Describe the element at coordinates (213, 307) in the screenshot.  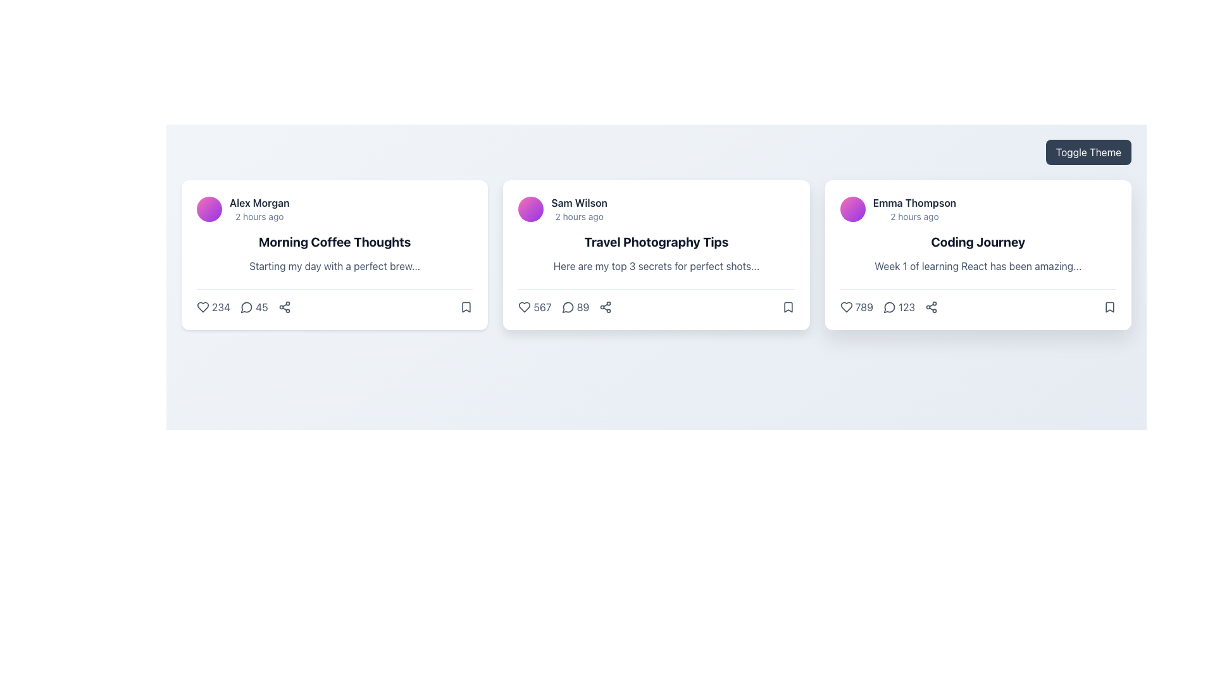
I see `the like button represented by a heart icon in the bottom section of the 'Morning Coffee Thoughts' card by Alex Morgan to register a like or favorite` at that location.